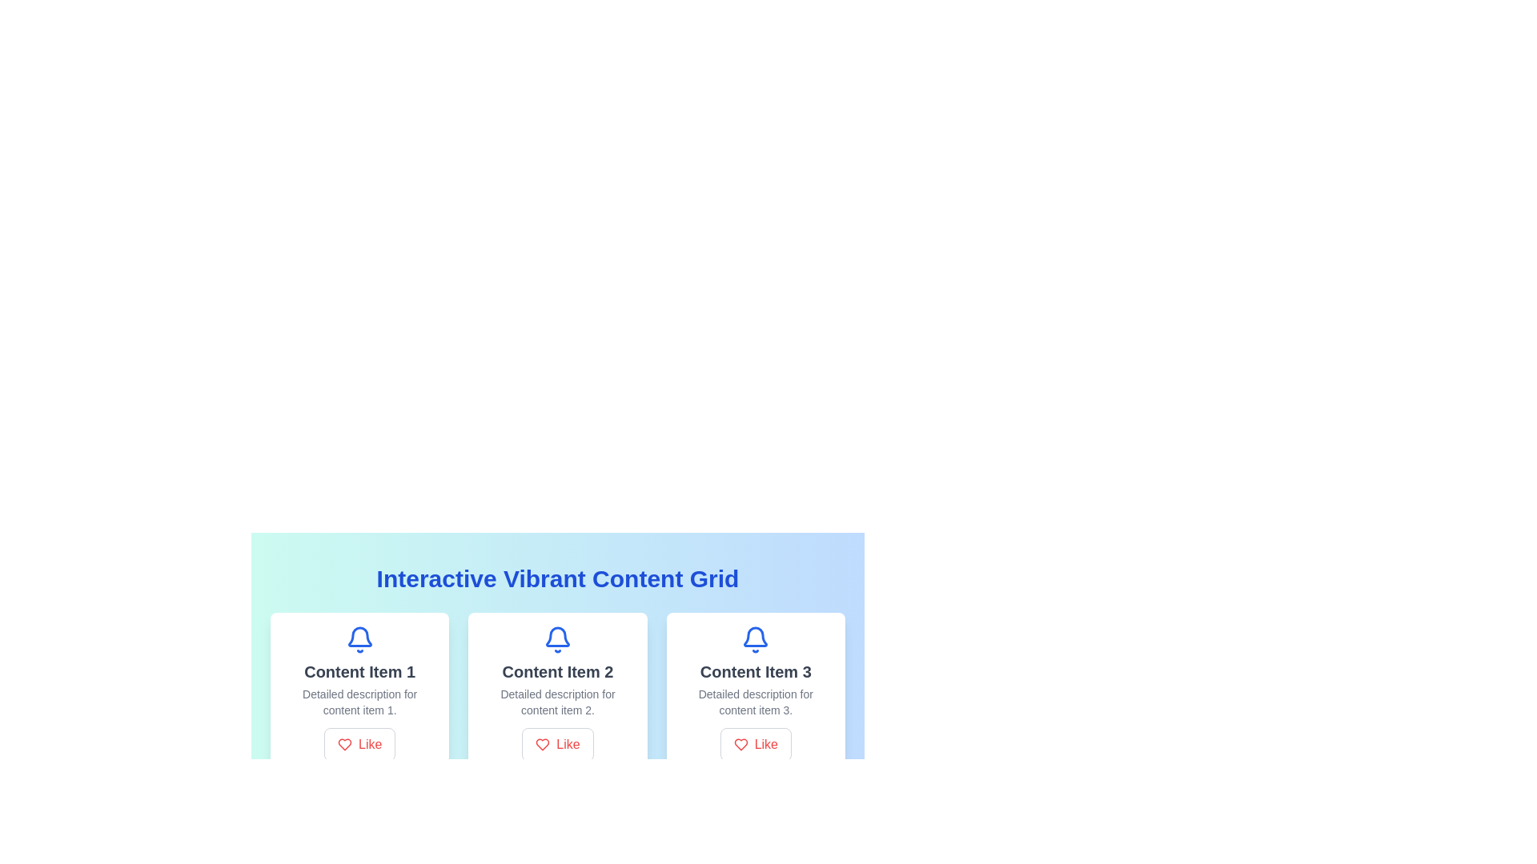  I want to click on the text component that reads 'Detailed description for content item 1.' which is styled with a small, gray font and is located directly below the 'Content Item 1' title, so click(359, 702).